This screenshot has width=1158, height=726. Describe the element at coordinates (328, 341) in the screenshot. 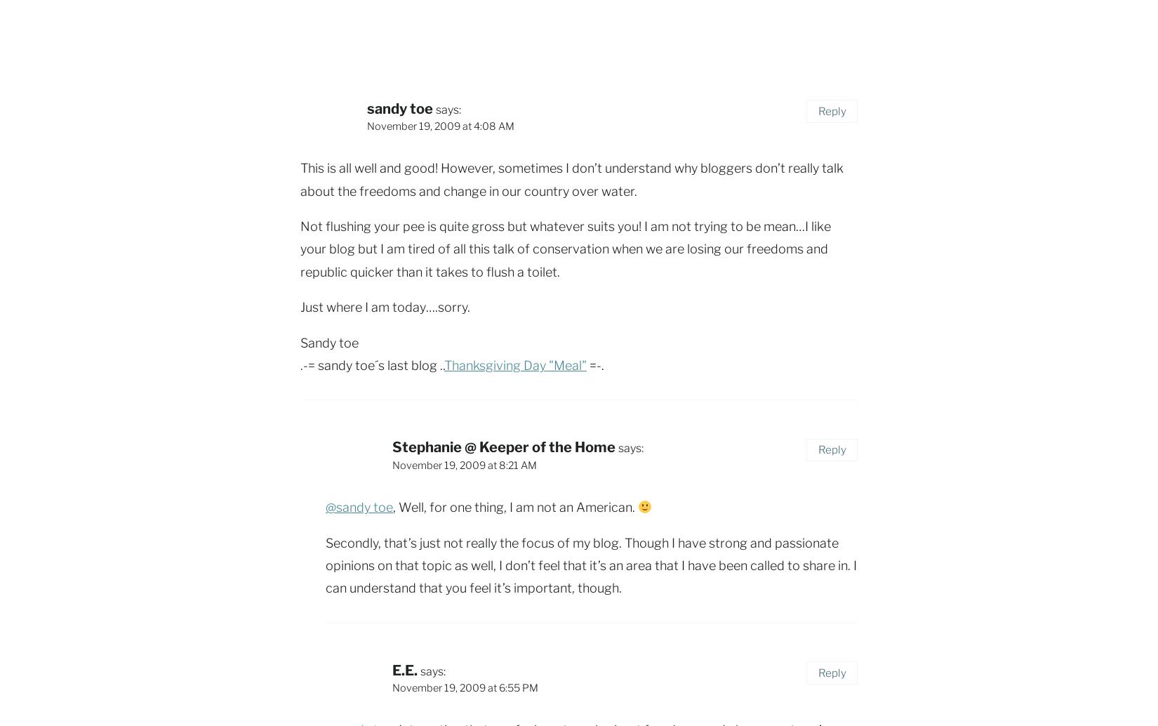

I see `'Sandy toe'` at that location.